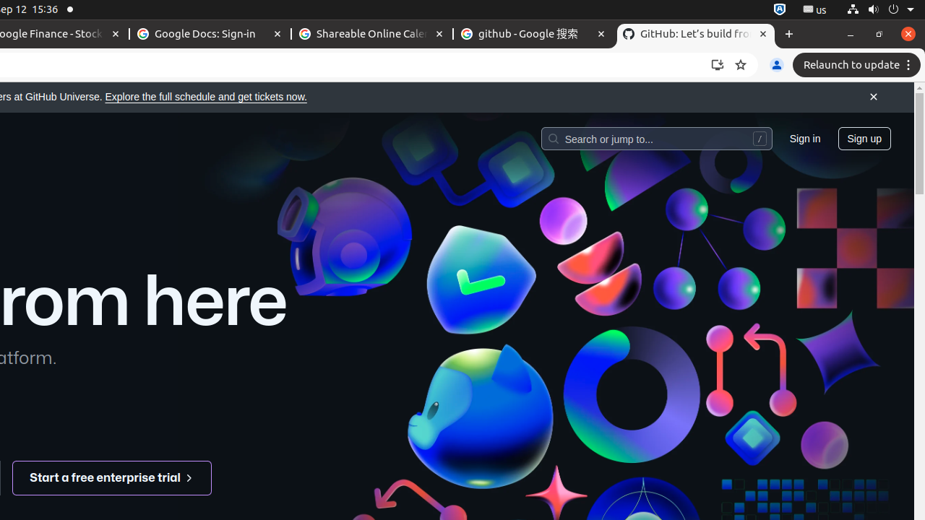 Image resolution: width=925 pixels, height=520 pixels. What do you see at coordinates (779, 9) in the screenshot?
I see `':1.72/StatusNotifierItem'` at bounding box center [779, 9].